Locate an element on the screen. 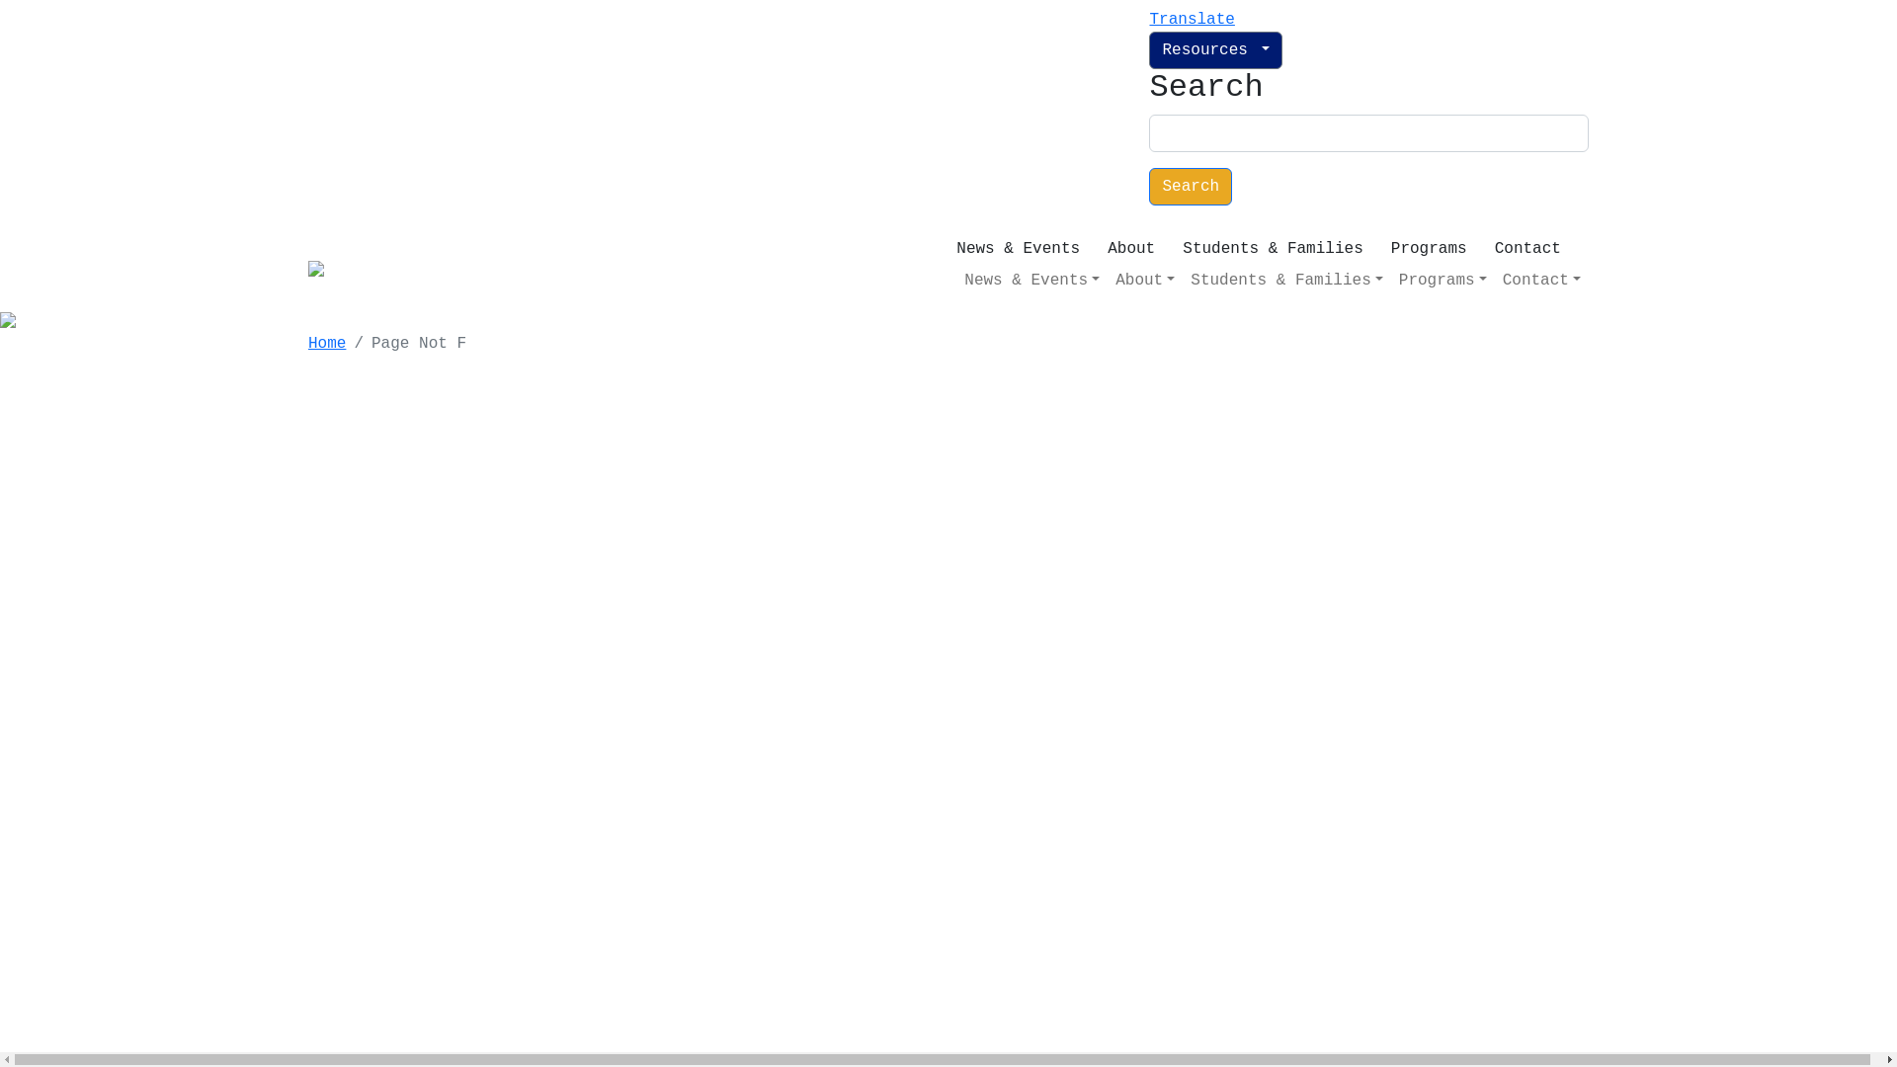 The image size is (1897, 1067). 'Home' is located at coordinates (327, 342).